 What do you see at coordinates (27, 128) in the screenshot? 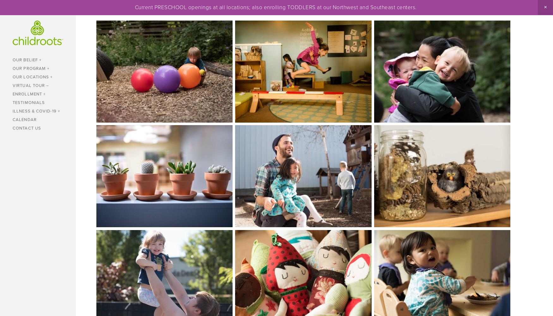
I see `'Contact Us'` at bounding box center [27, 128].